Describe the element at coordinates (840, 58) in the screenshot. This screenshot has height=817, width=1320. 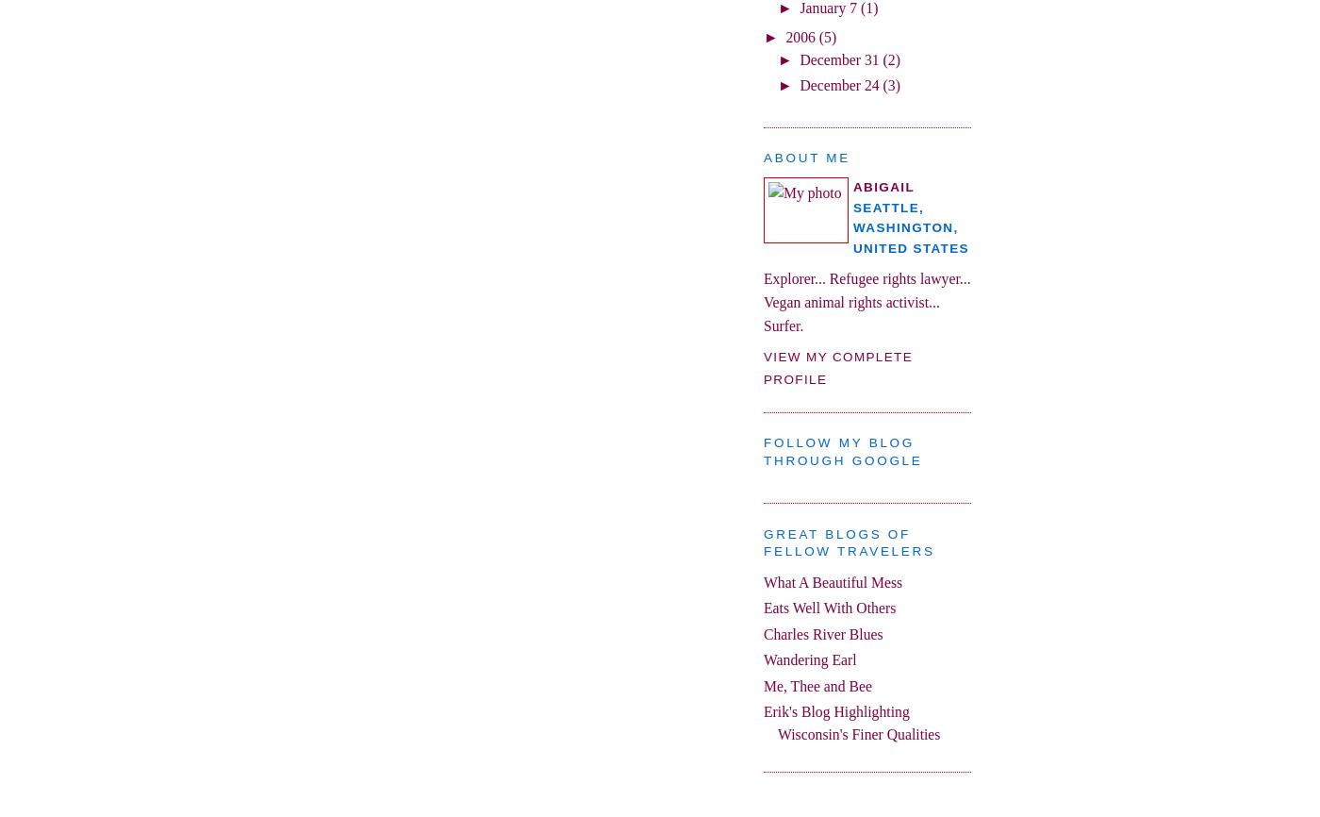
I see `'December 31'` at that location.